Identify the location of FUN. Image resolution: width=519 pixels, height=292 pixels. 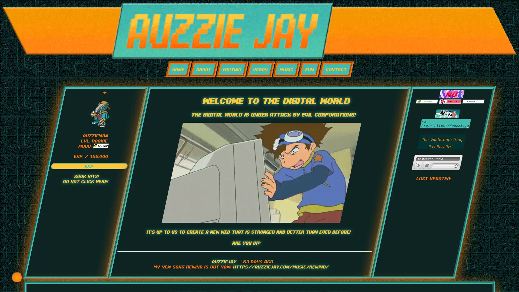
(310, 69).